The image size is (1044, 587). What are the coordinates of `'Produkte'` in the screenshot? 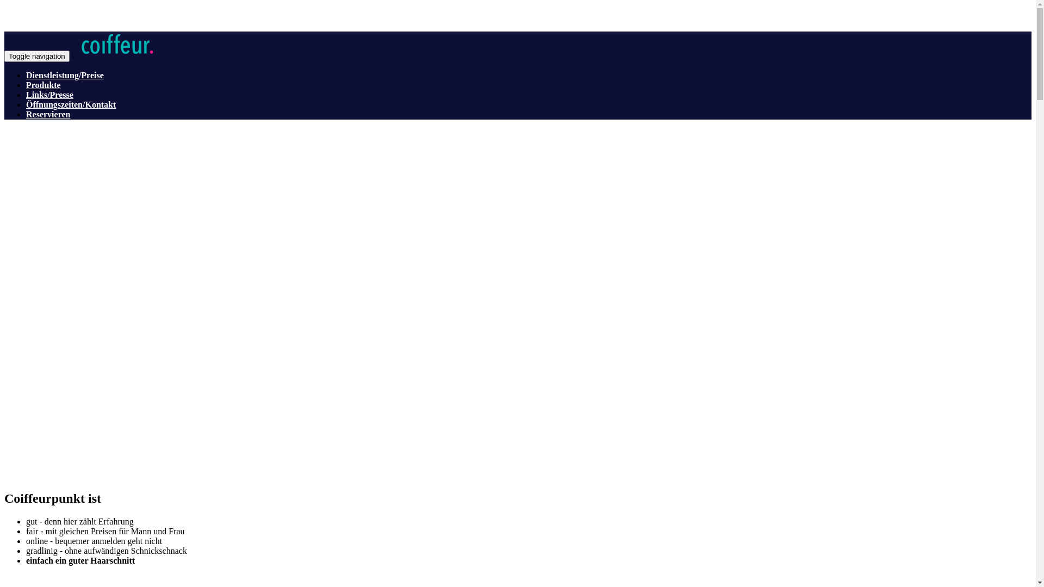 It's located at (26, 84).